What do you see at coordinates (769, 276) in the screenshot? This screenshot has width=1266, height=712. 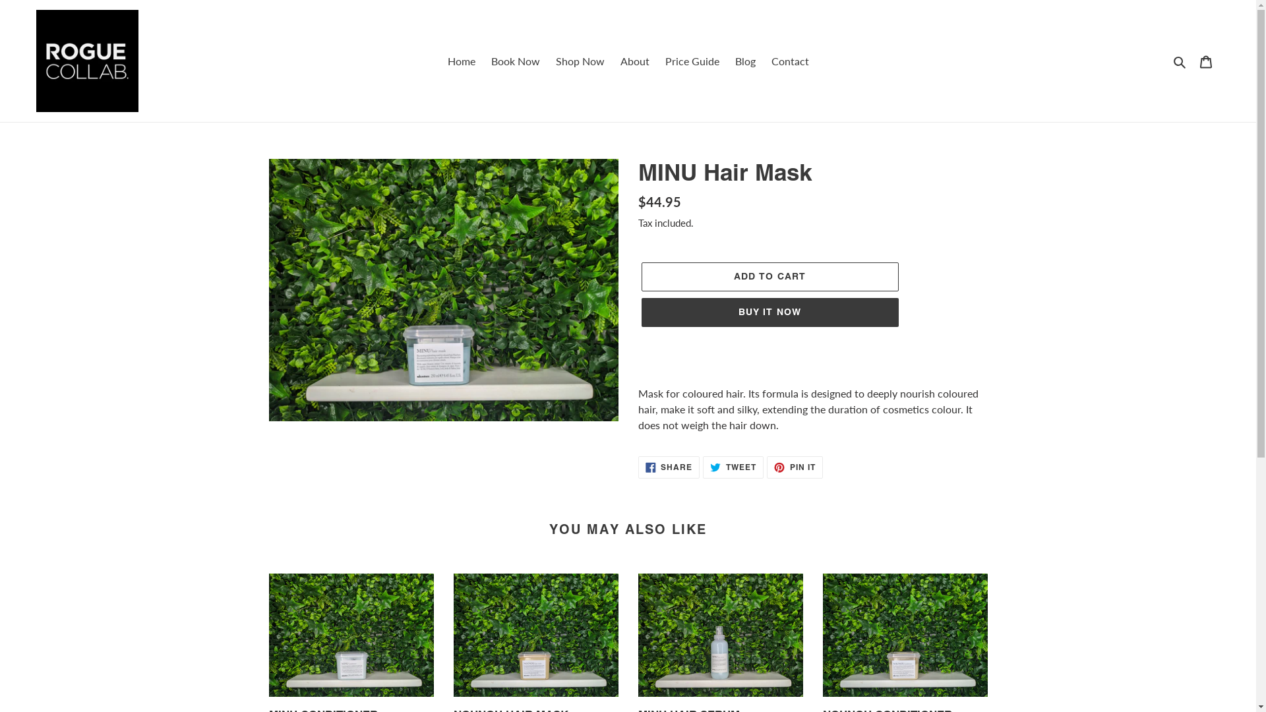 I see `'ADD TO CART'` at bounding box center [769, 276].